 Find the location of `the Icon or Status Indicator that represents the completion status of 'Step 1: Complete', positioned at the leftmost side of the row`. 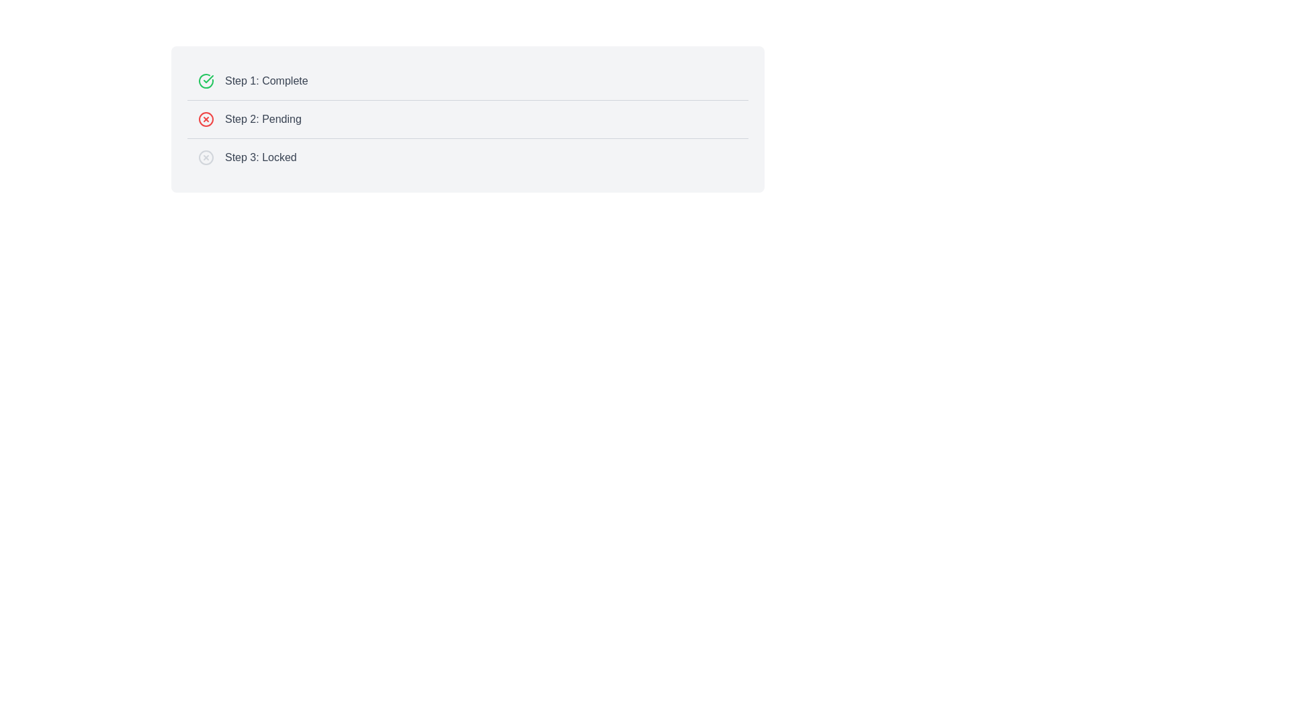

the Icon or Status Indicator that represents the completion status of 'Step 1: Complete', positioned at the leftmost side of the row is located at coordinates (206, 81).